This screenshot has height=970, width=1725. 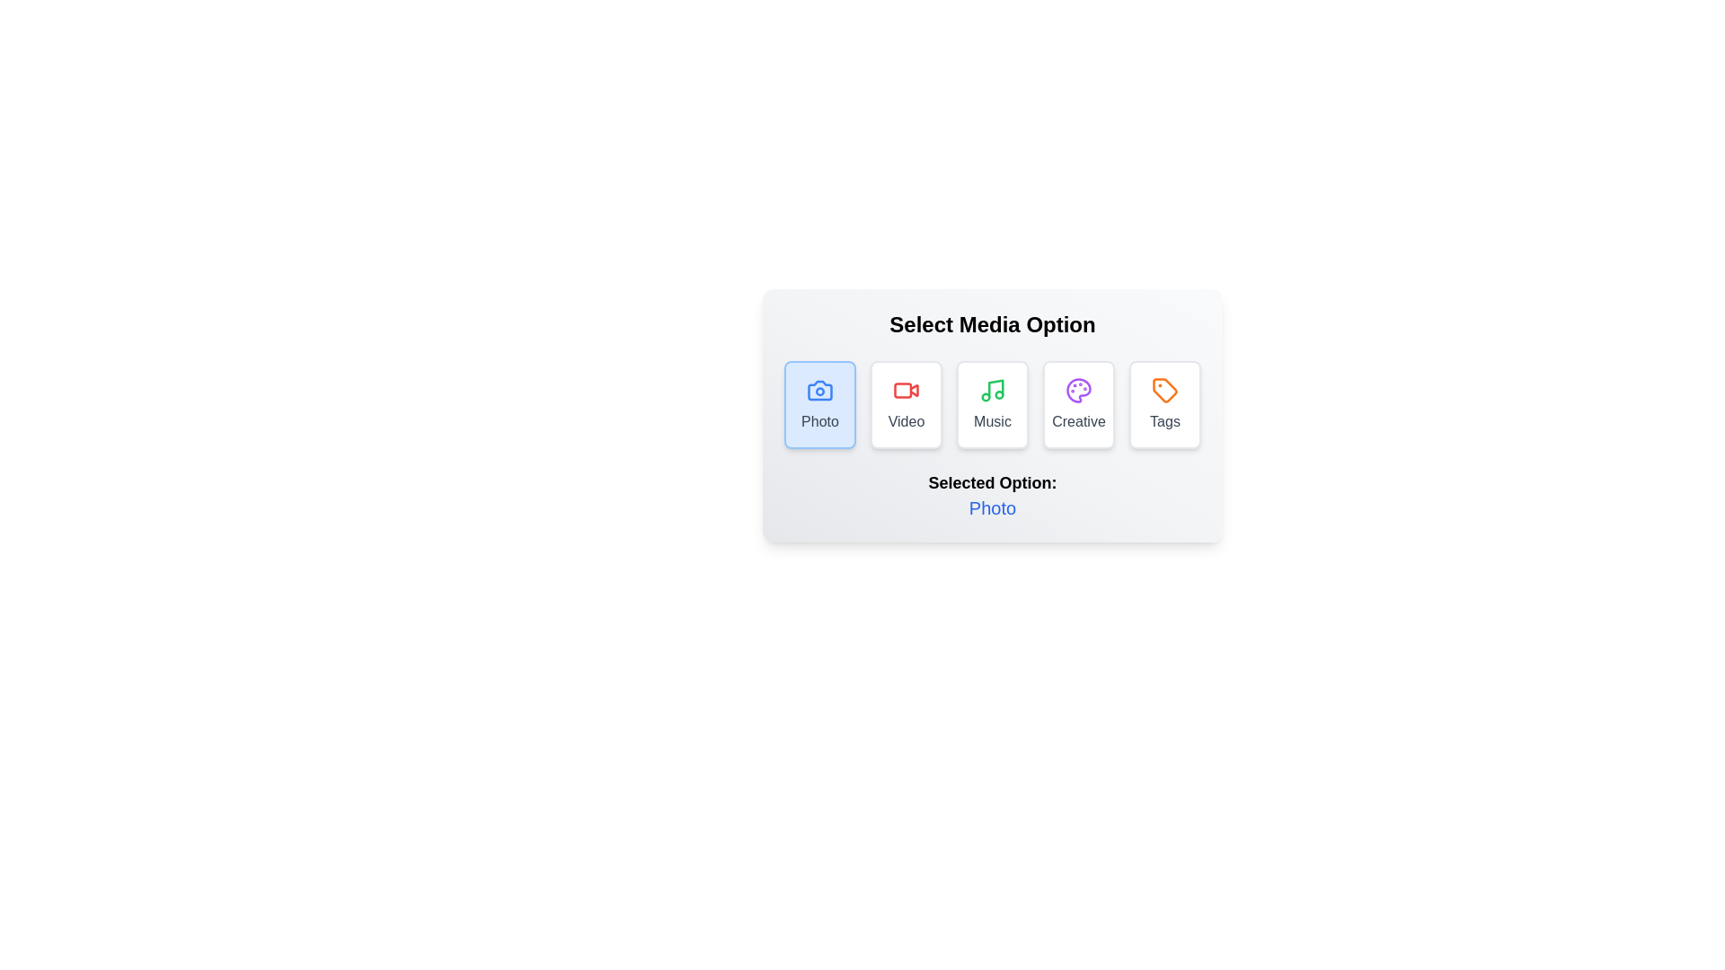 I want to click on the media option Tags by clicking on its corresponding button, so click(x=1164, y=405).